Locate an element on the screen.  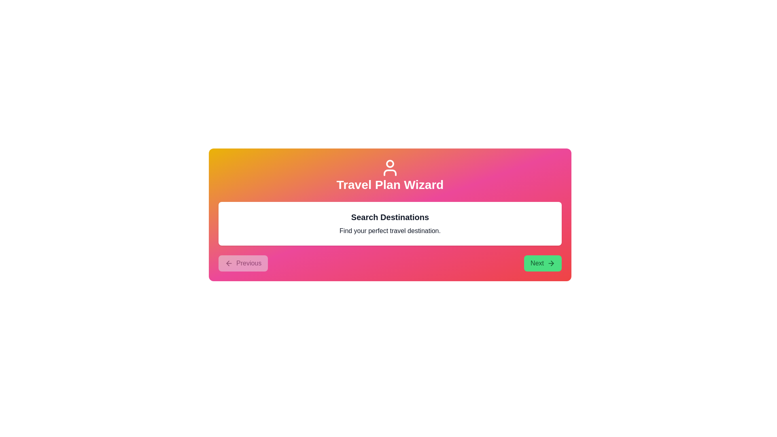
the green rectangular button labeled 'Next' is located at coordinates (543, 263).